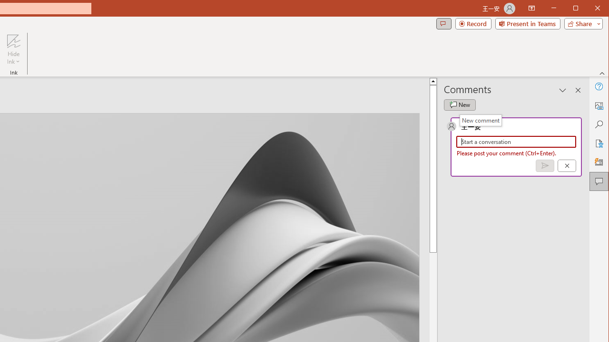 The width and height of the screenshot is (609, 342). I want to click on 'Accessibility', so click(598, 143).